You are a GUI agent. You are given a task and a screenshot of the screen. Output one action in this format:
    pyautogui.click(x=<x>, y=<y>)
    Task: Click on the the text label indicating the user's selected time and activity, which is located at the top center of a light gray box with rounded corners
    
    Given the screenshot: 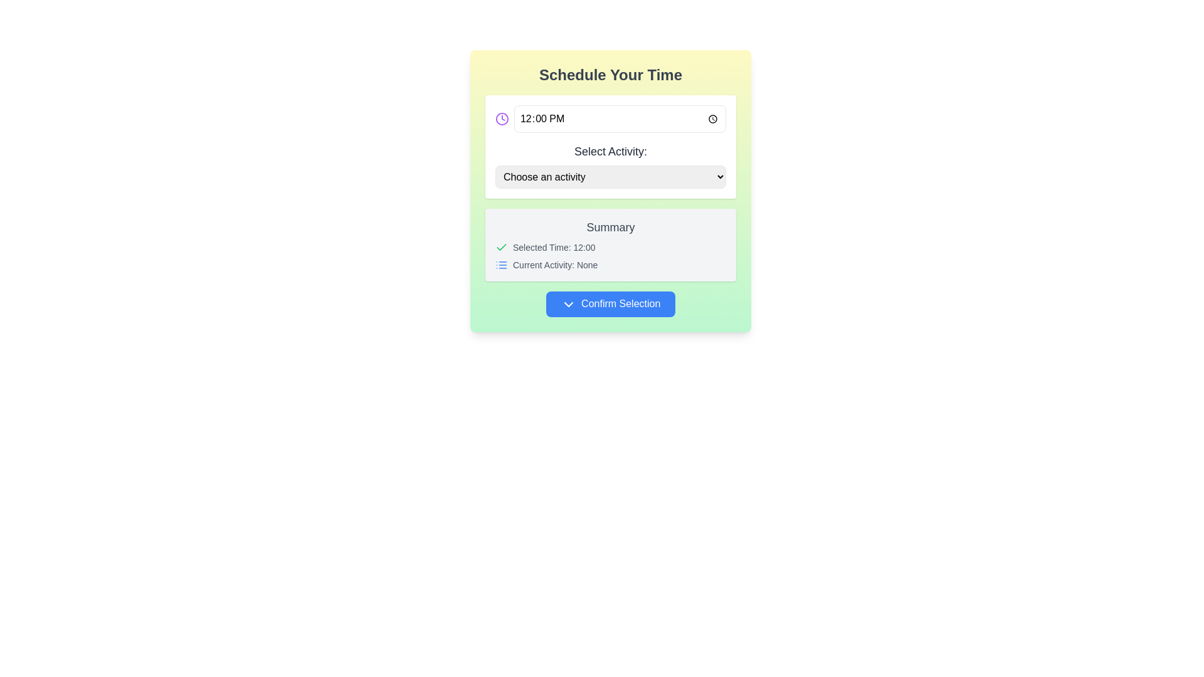 What is the action you would take?
    pyautogui.click(x=611, y=227)
    